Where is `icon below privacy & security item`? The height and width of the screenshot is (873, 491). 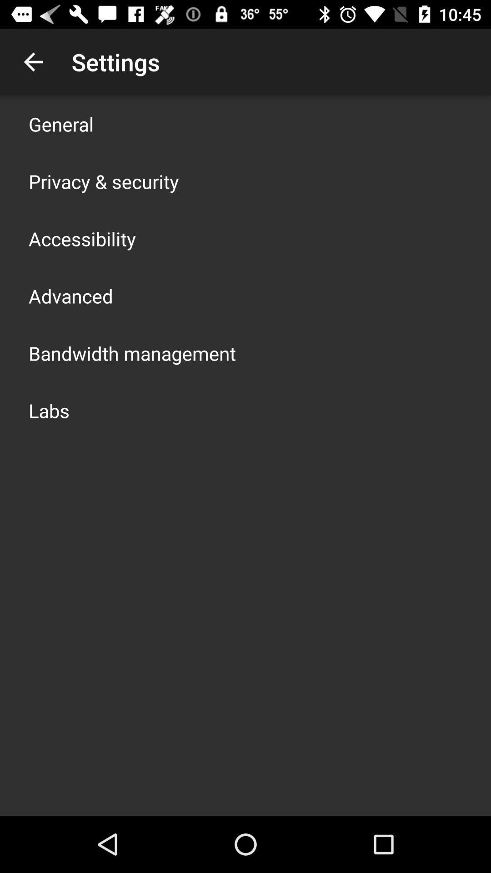 icon below privacy & security item is located at coordinates (82, 238).